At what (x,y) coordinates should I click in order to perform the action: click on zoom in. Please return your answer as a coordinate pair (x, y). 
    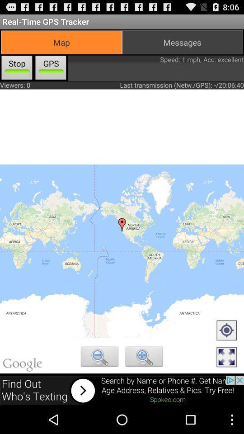
    Looking at the image, I should click on (144, 358).